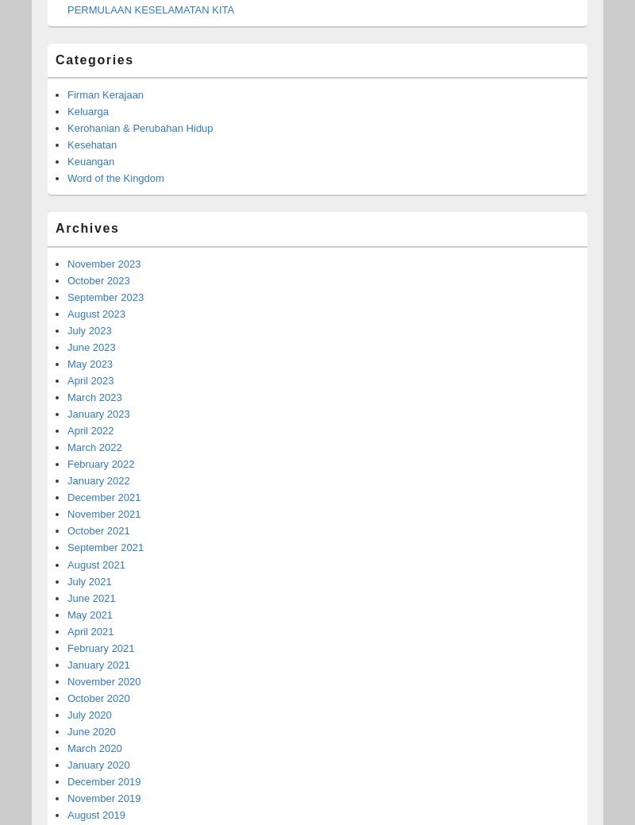 Image resolution: width=635 pixels, height=825 pixels. What do you see at coordinates (100, 646) in the screenshot?
I see `'February 2021'` at bounding box center [100, 646].